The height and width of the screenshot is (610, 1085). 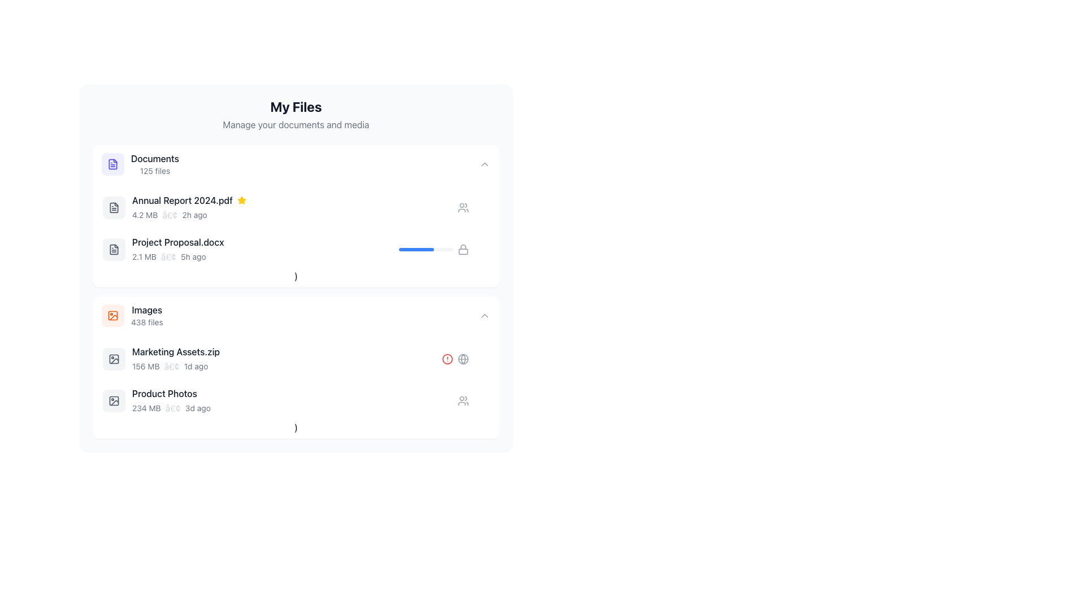 I want to click on the horizontal progress bar located in the middle section of the file list item for 'Project Proposal.docx', which has a gray background and a blue-filled section indicating progress, so click(x=425, y=249).